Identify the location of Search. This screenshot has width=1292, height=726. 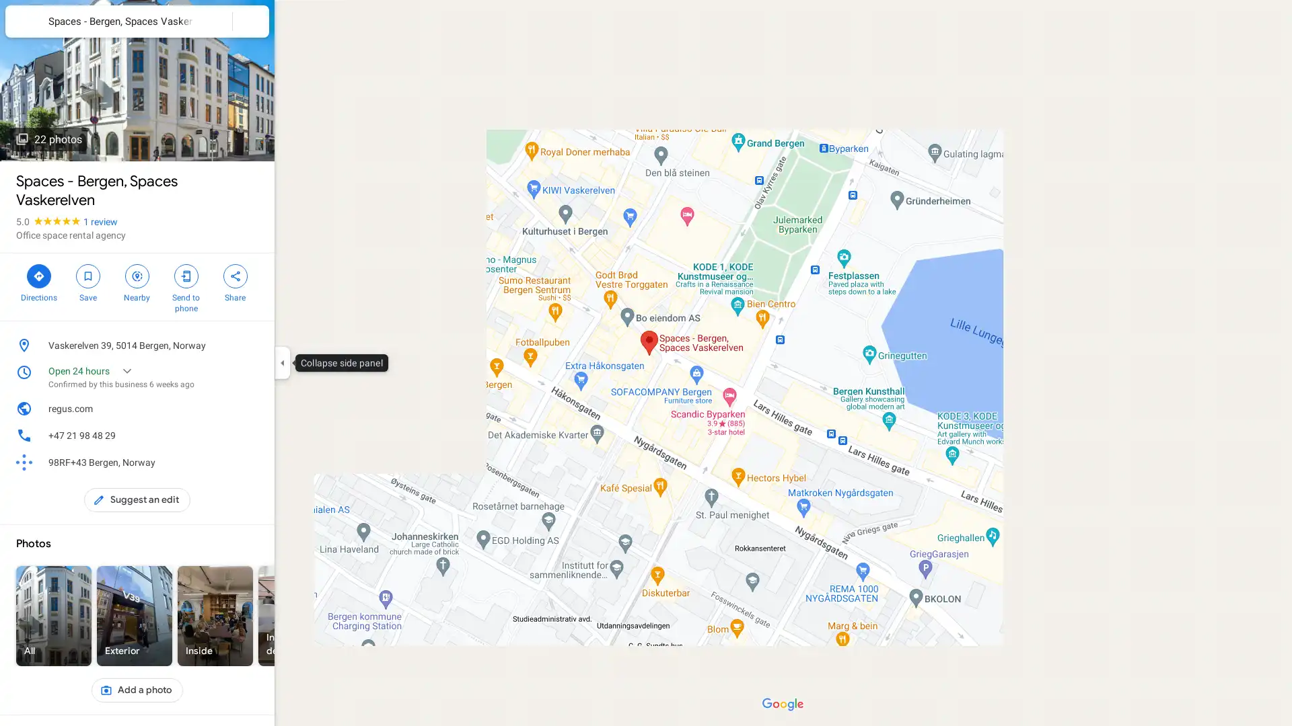
(213, 21).